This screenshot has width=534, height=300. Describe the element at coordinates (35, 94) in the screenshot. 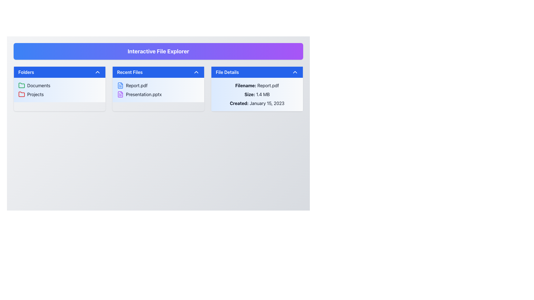

I see `the 'Projects' label` at that location.